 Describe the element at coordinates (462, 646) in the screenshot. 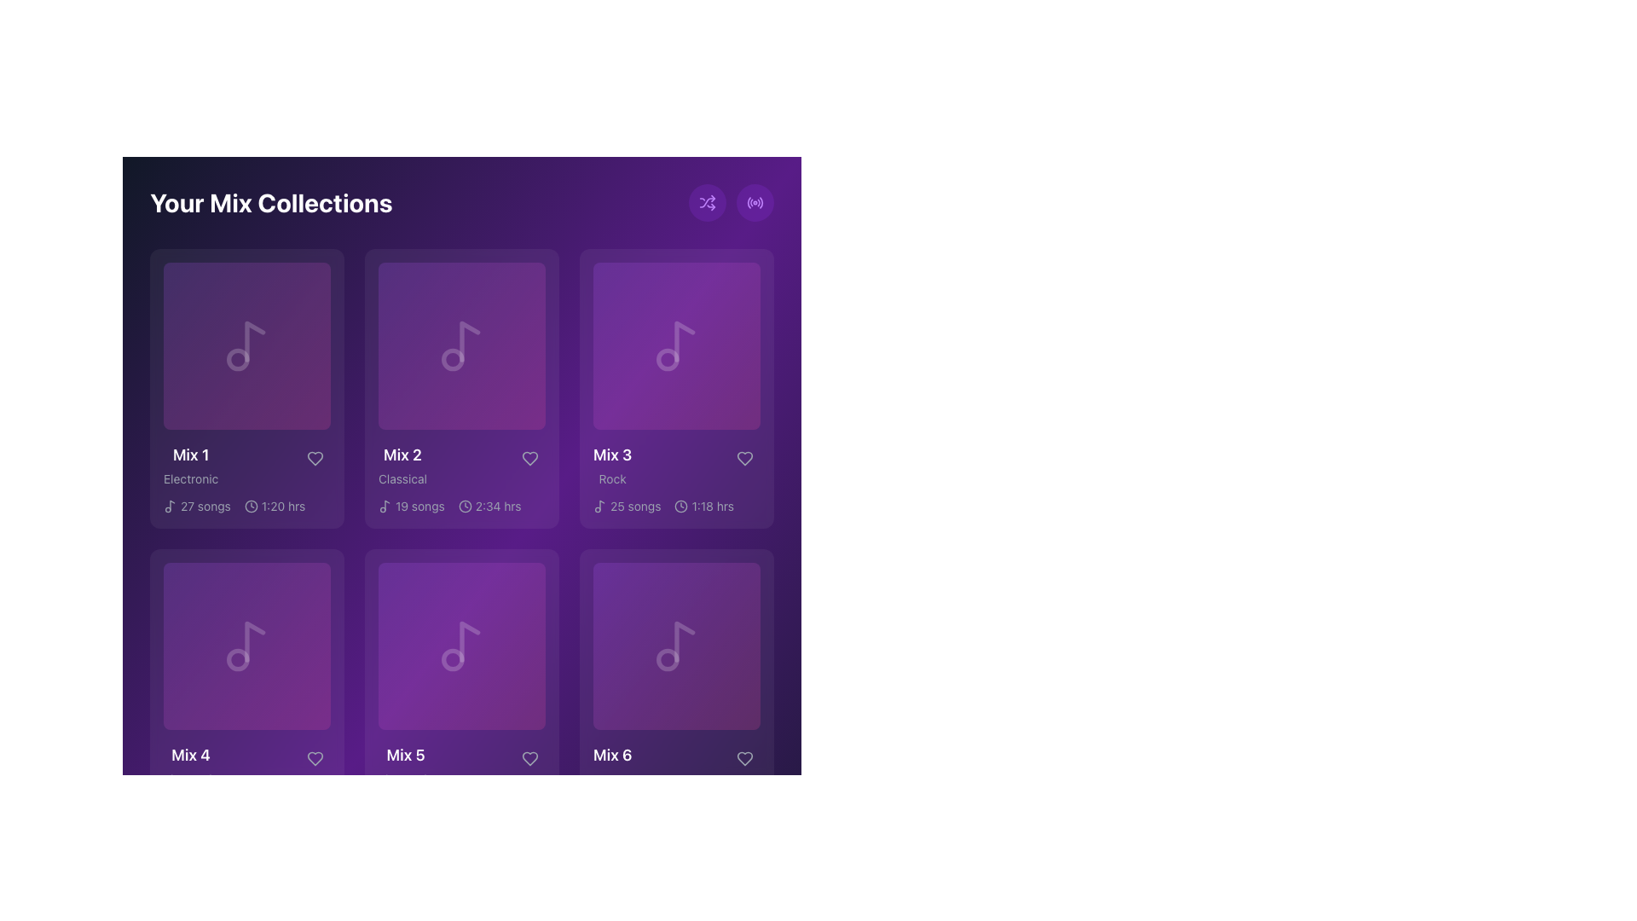

I see `the circular button with a purple background and a white play icon at the center of the 'Mix 5' card` at that location.